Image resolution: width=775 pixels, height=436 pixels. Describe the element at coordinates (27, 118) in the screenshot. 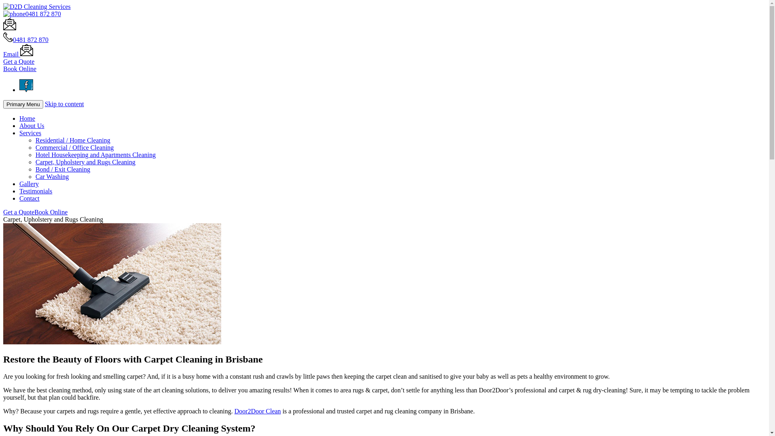

I see `'Home'` at that location.